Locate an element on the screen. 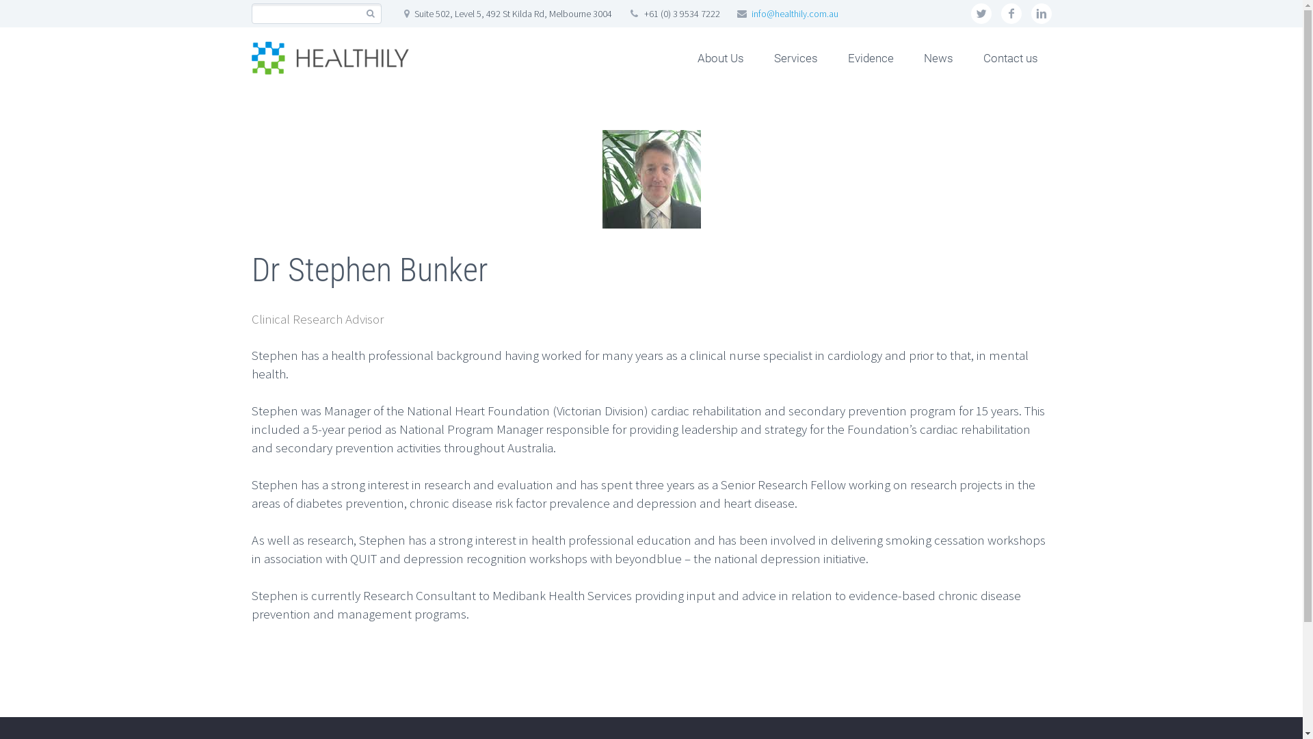 The image size is (1313, 739). 'twitter' is located at coordinates (981, 13).